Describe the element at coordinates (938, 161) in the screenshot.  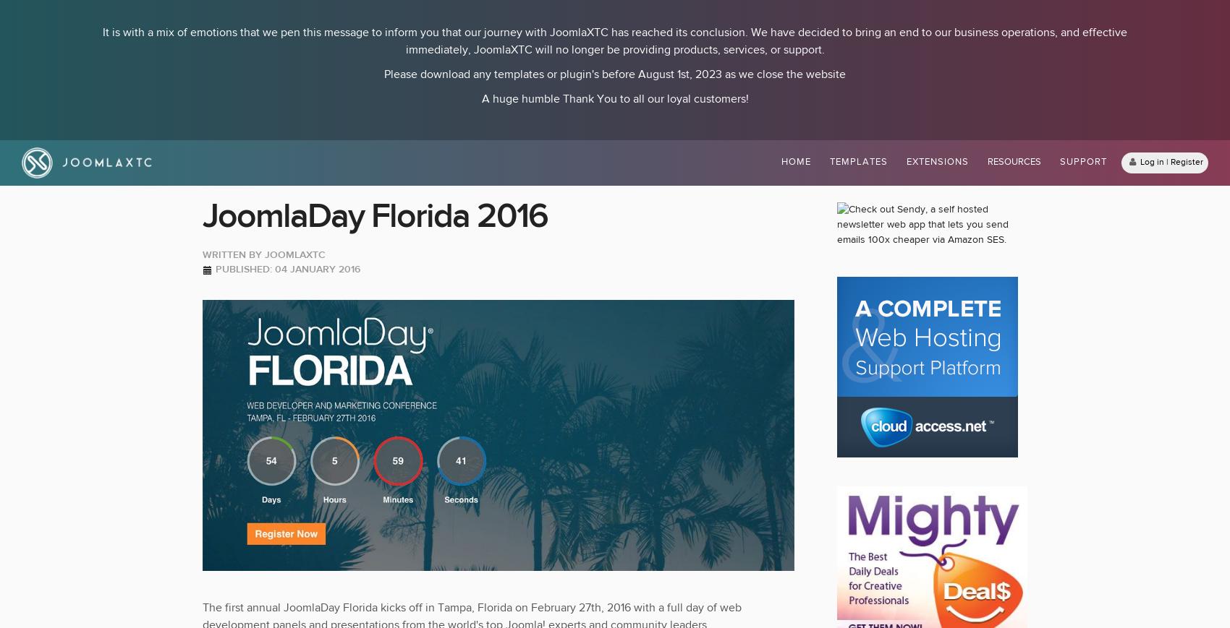
I see `'Extensions'` at that location.